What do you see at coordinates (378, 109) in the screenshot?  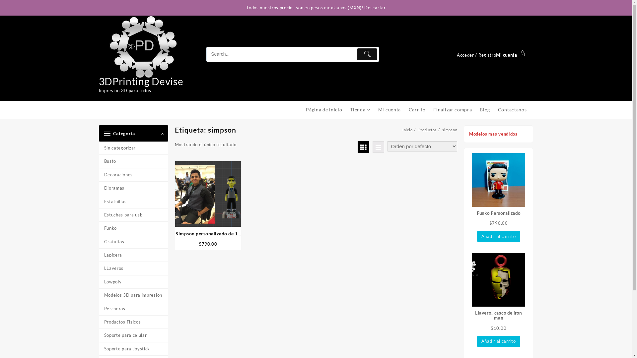 I see `'Mi cuenta'` at bounding box center [378, 109].